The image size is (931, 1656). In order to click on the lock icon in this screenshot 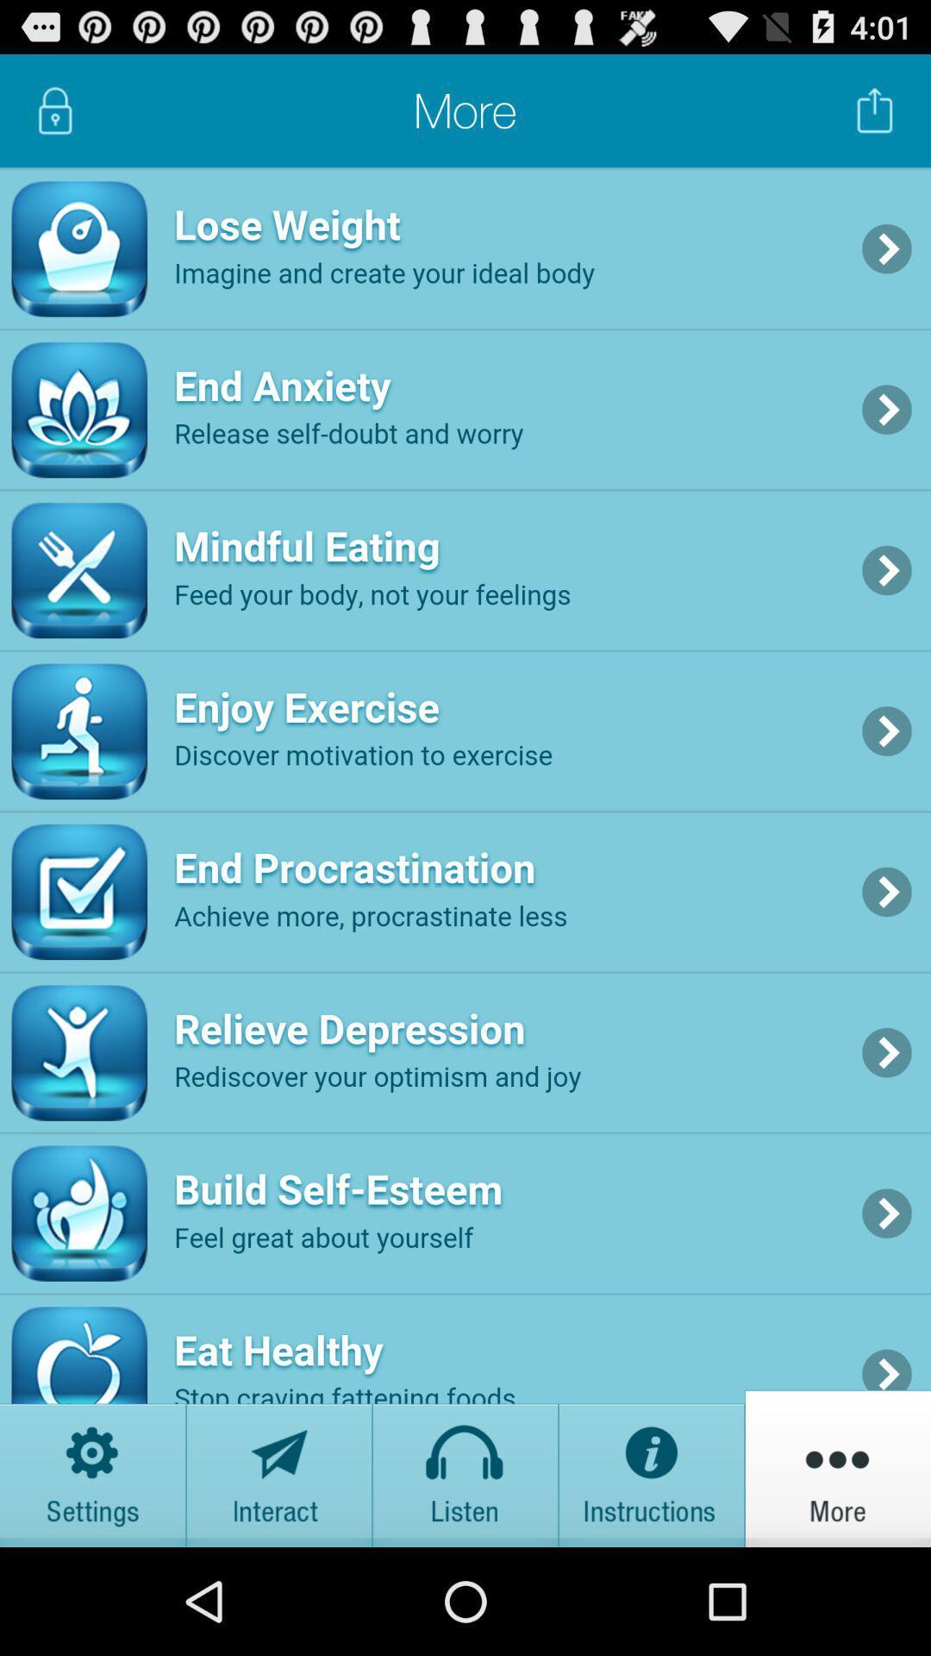, I will do `click(54, 117)`.